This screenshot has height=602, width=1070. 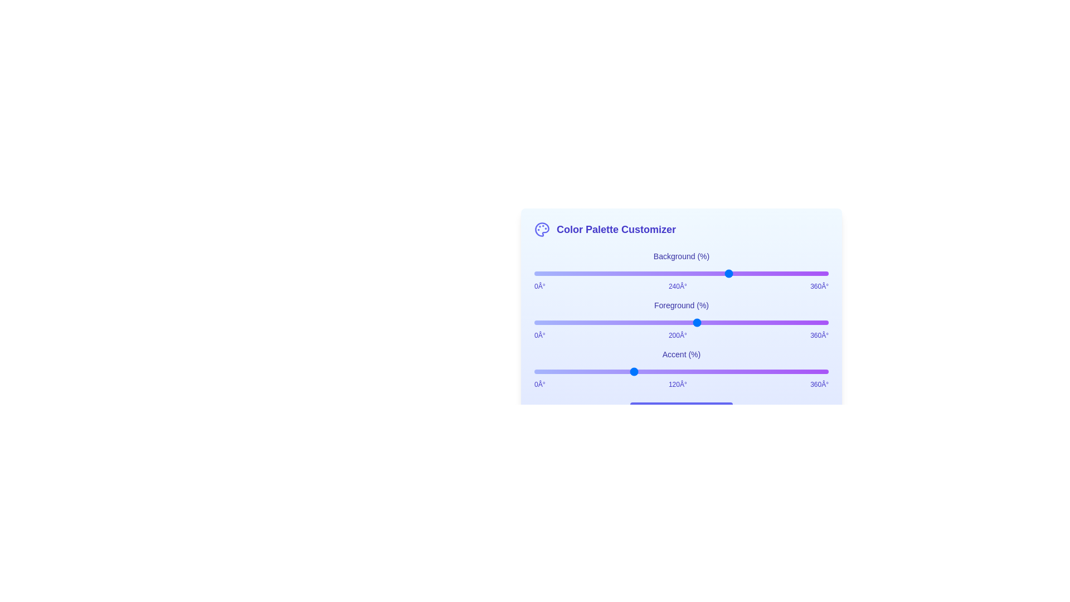 I want to click on the foreground color slider to set its hue value to 288°, so click(x=769, y=322).